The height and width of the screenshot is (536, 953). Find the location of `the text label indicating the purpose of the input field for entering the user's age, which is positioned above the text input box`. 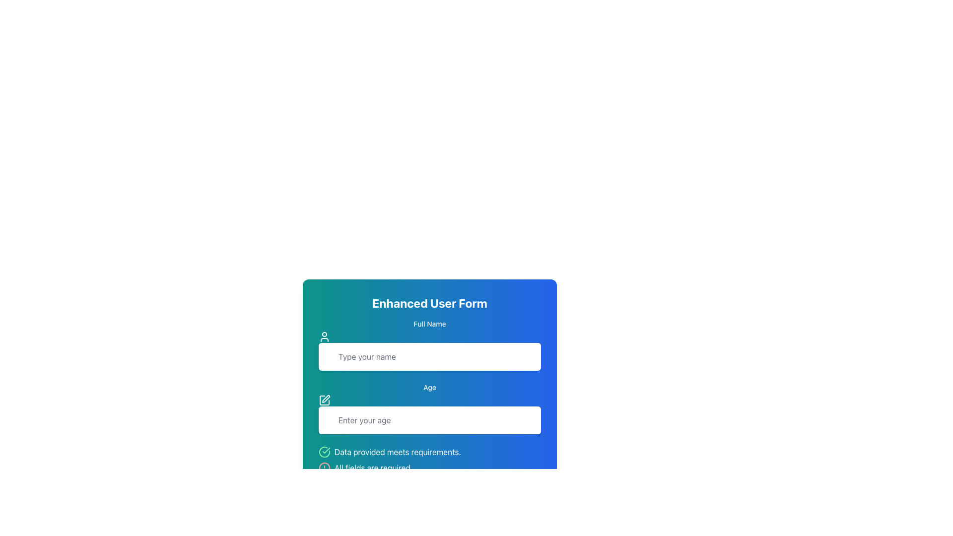

the text label indicating the purpose of the input field for entering the user's age, which is positioned above the text input box is located at coordinates (429, 387).